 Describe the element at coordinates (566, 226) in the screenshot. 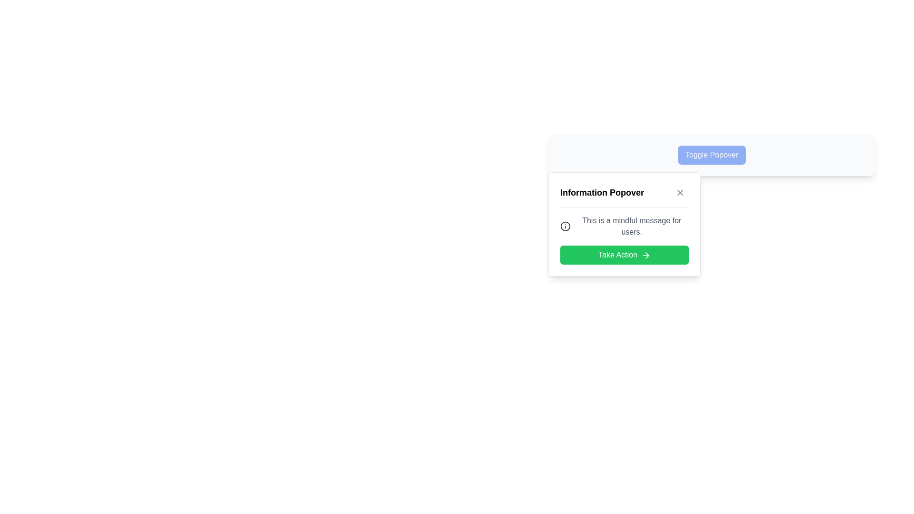

I see `circular SVG graphic element with a dark outline located in the 'Information Popover' modal by using the browser's developer tools` at that location.